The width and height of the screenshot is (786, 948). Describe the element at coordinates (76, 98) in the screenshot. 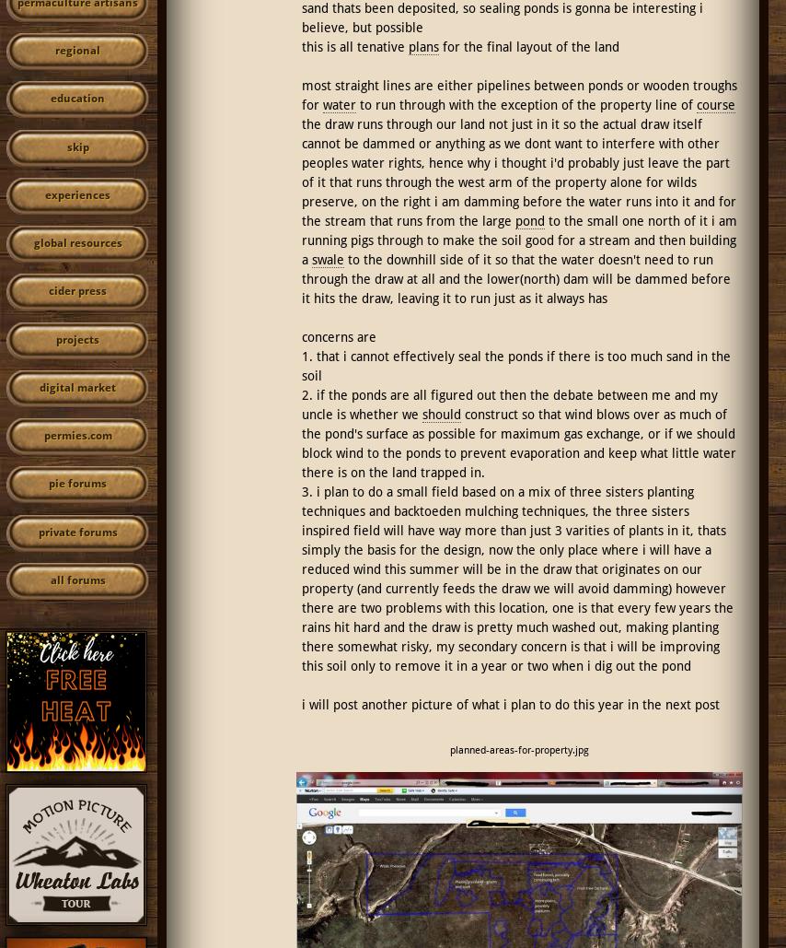

I see `'education'` at that location.